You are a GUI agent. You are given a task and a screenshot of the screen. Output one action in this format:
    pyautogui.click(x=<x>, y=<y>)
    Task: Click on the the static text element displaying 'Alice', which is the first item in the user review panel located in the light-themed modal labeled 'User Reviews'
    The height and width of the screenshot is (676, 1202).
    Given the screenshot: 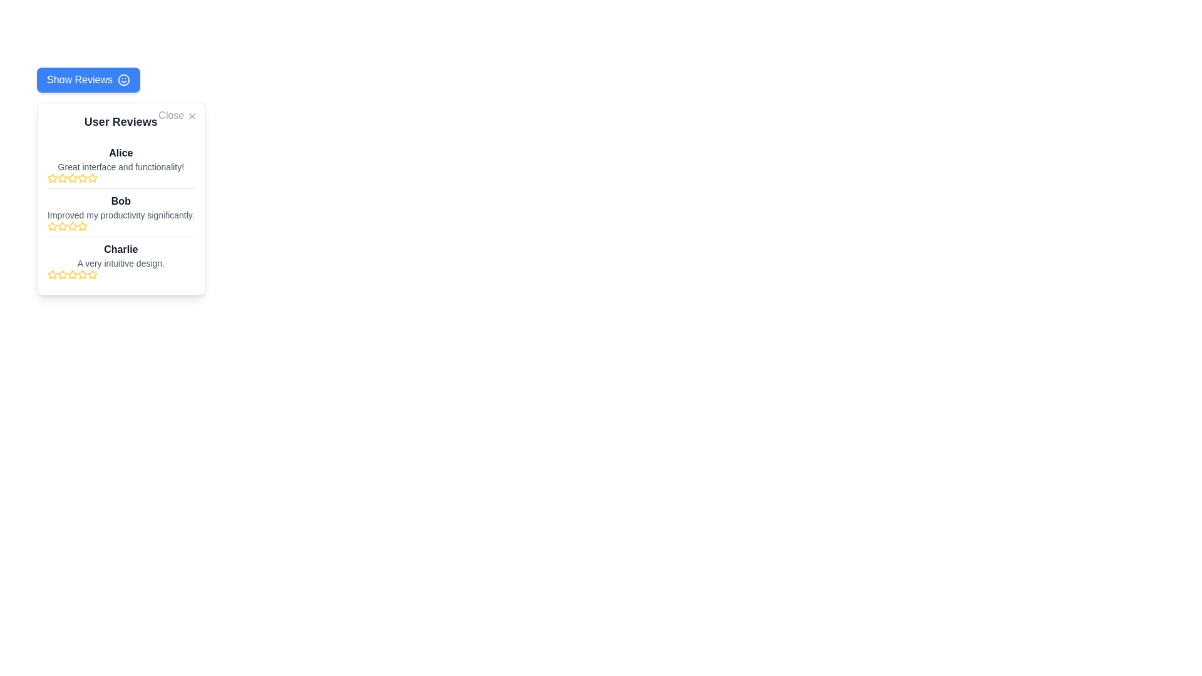 What is the action you would take?
    pyautogui.click(x=121, y=152)
    